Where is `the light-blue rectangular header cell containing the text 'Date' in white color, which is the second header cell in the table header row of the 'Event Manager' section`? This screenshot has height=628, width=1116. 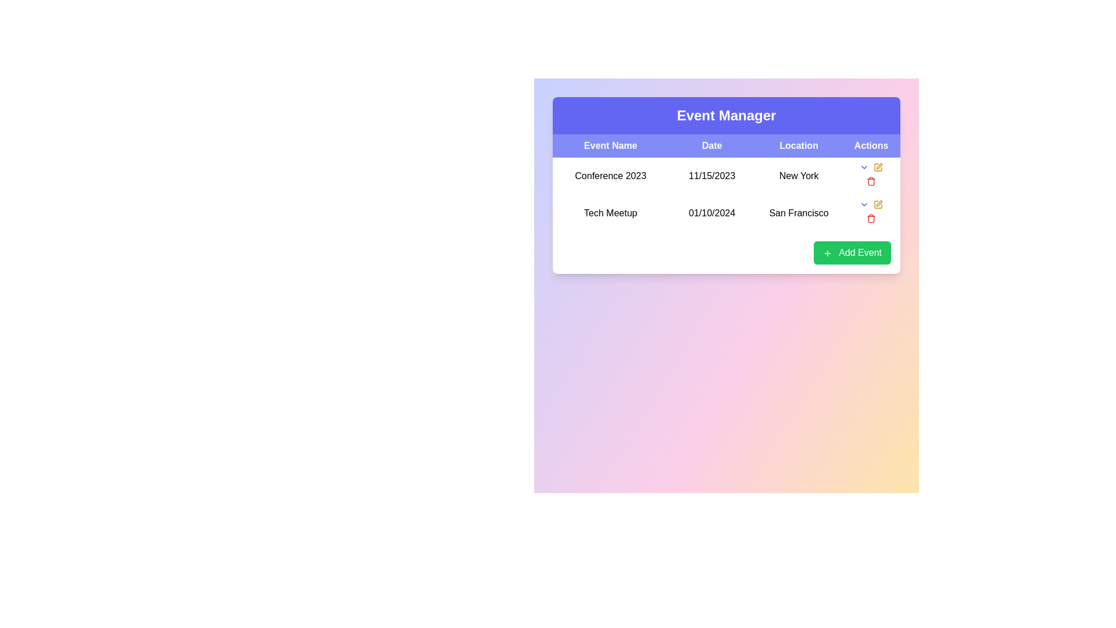 the light-blue rectangular header cell containing the text 'Date' in white color, which is the second header cell in the table header row of the 'Event Manager' section is located at coordinates (711, 145).